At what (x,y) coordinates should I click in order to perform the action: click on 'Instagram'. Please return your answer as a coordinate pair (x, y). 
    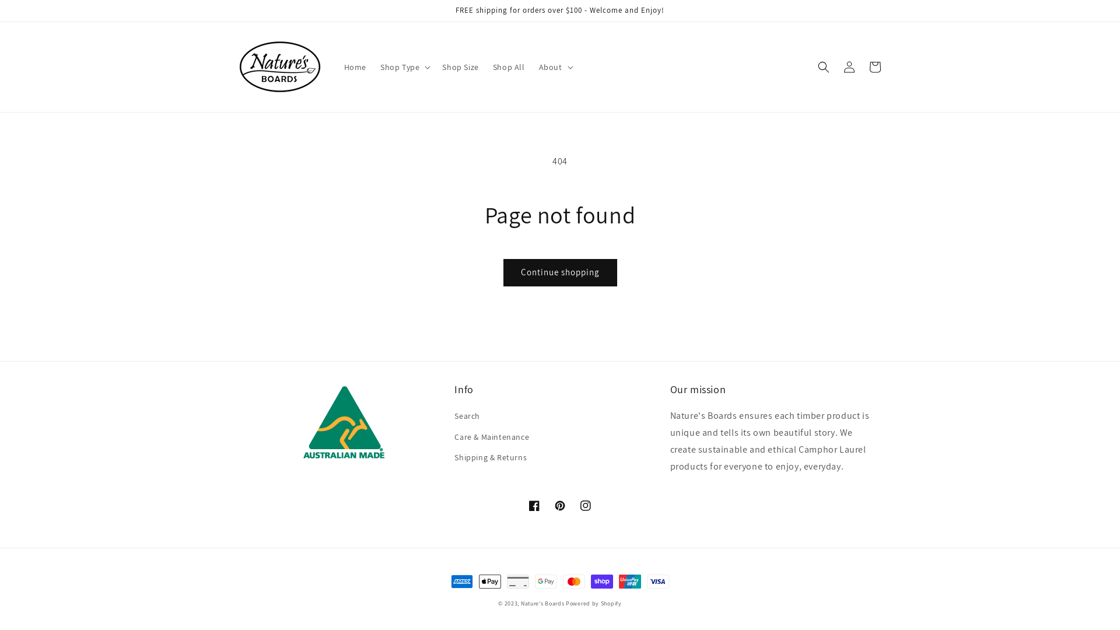
    Looking at the image, I should click on (585, 505).